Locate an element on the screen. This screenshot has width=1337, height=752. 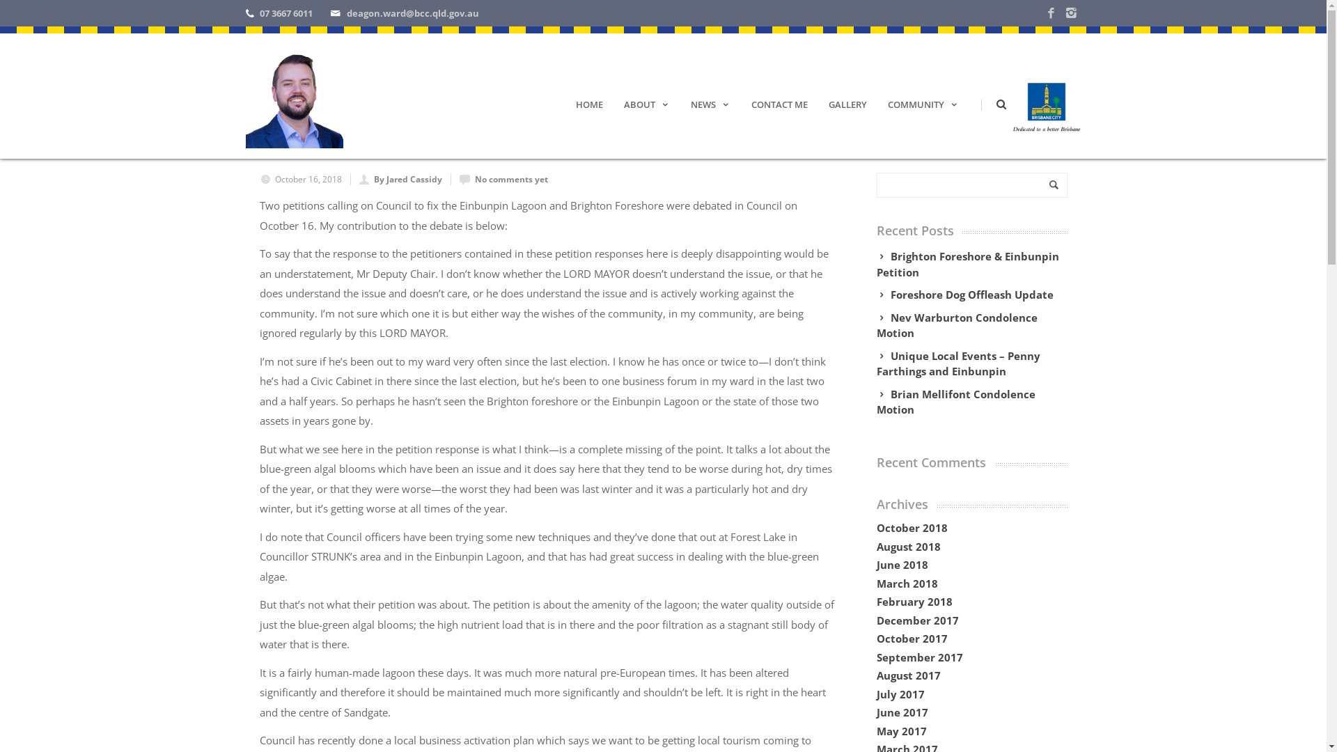
'August 2018' is located at coordinates (908, 546).